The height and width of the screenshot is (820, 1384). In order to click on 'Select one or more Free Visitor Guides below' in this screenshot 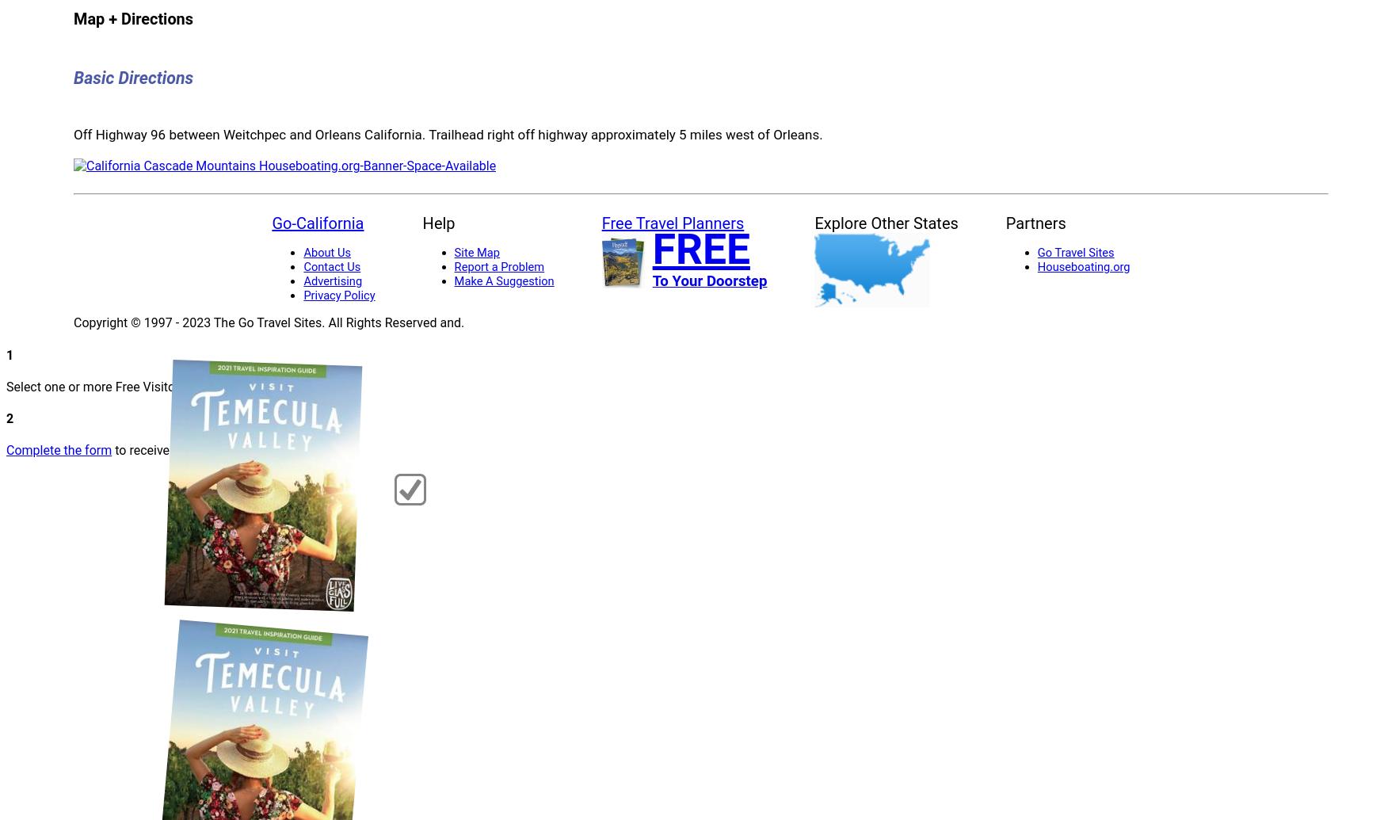, I will do `click(132, 386)`.